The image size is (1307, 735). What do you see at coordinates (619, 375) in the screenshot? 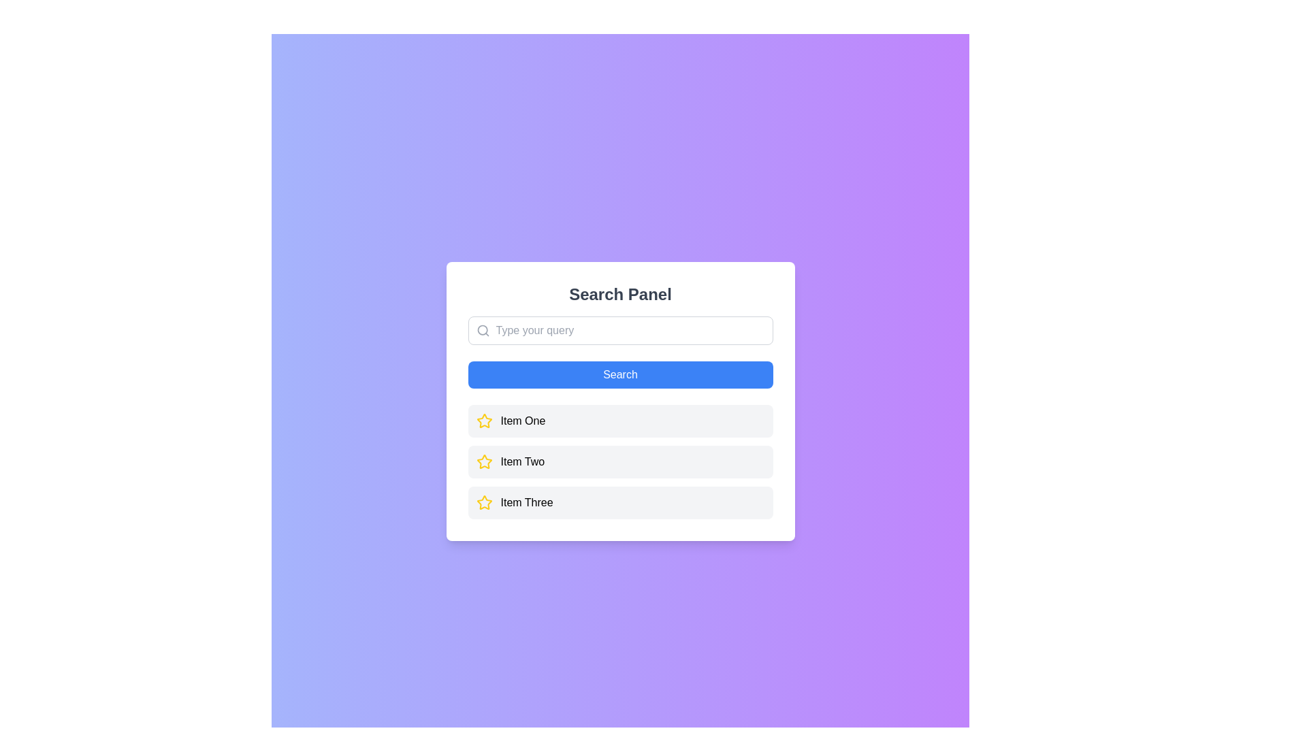
I see `the rectangular 'Search' button with a blue background and rounded corners located in the 'Search Panel'` at bounding box center [619, 375].